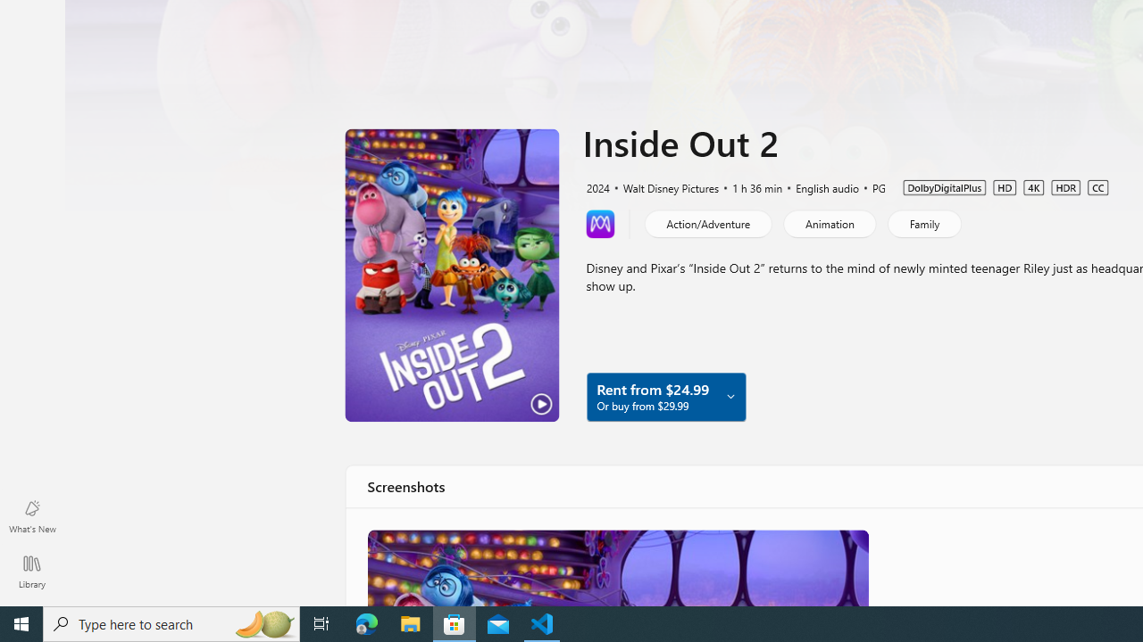 This screenshot has width=1143, height=642. Describe the element at coordinates (923, 222) in the screenshot. I see `'Family'` at that location.